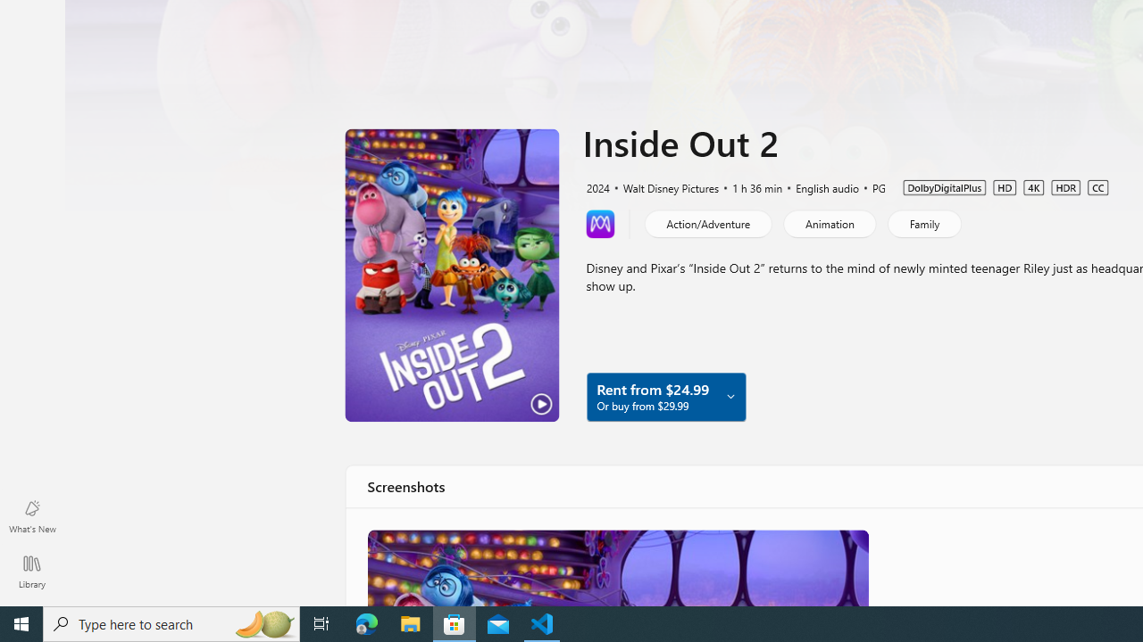 This screenshot has width=1143, height=642. Describe the element at coordinates (923, 222) in the screenshot. I see `'Family'` at that location.